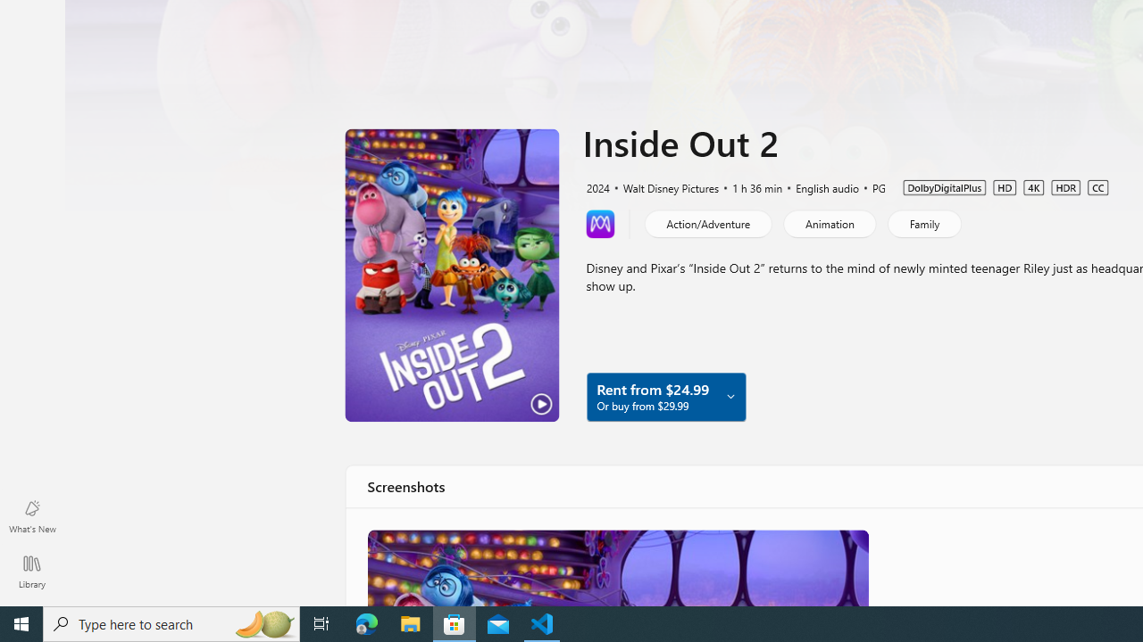 This screenshot has width=1143, height=642. Describe the element at coordinates (923, 222) in the screenshot. I see `'Family'` at that location.